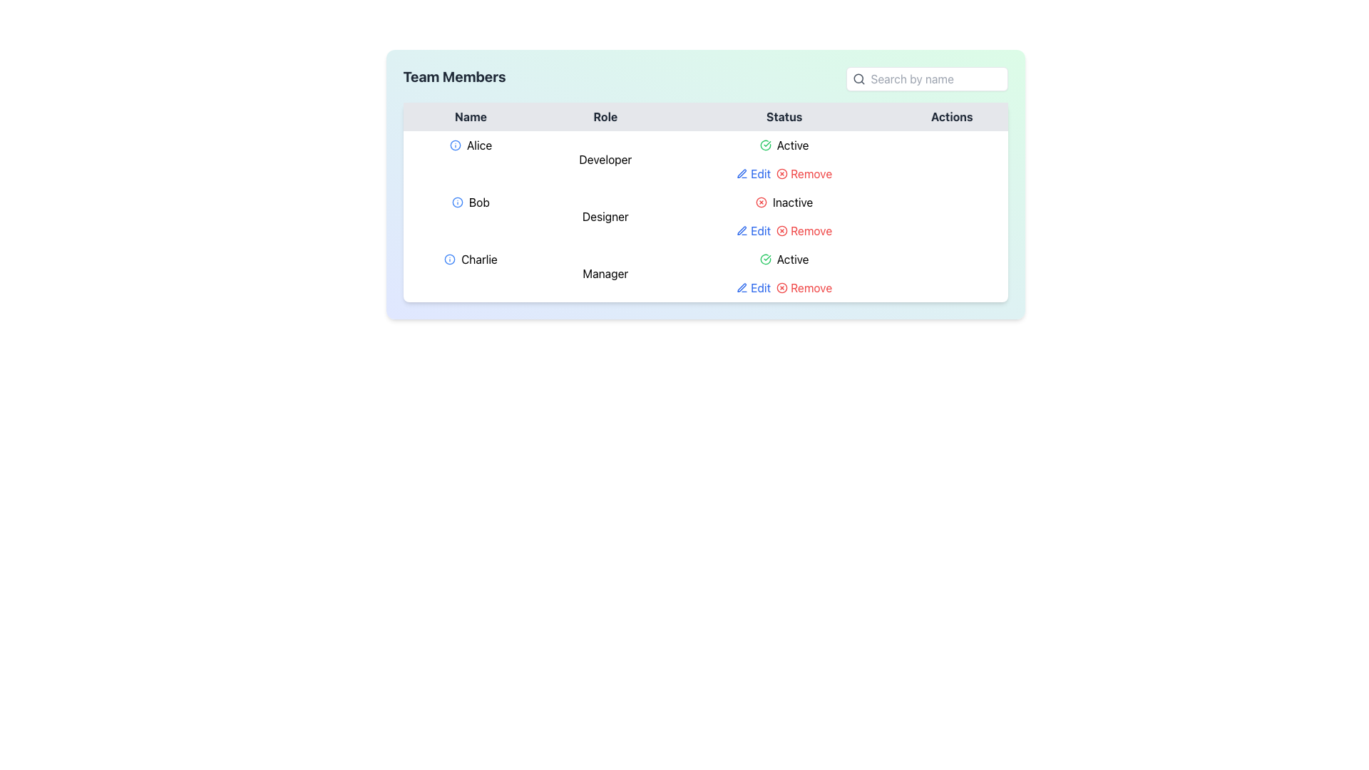 The height and width of the screenshot is (770, 1369). I want to click on the 'Inactive' status label for user 'Bob' in the second row of the table, which is styled with red text to indicate a non-active status, so click(705, 217).